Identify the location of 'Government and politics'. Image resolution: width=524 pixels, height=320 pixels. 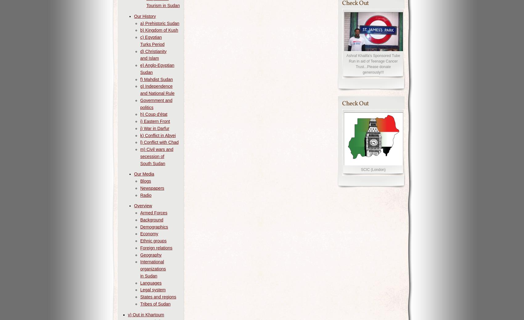
(156, 103).